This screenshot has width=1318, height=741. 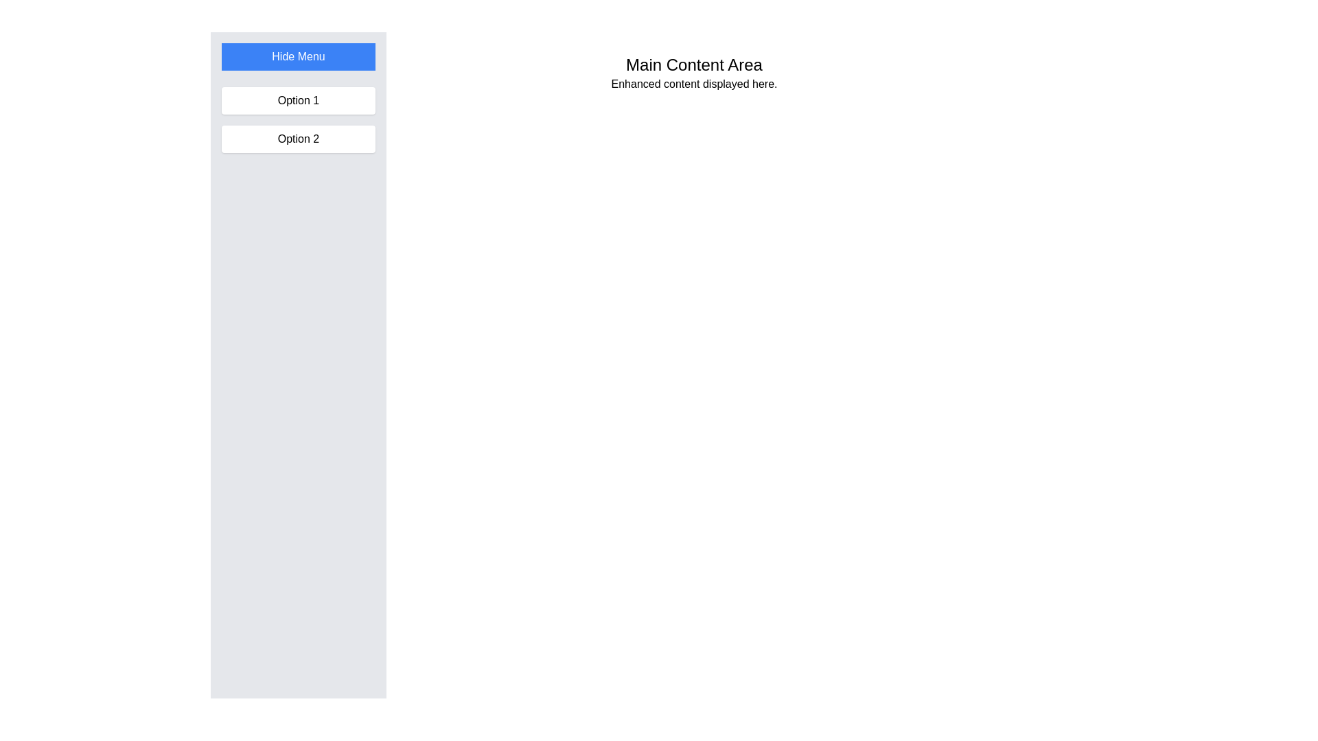 I want to click on the 'Hide Menu' button to toggle the menu visibility, so click(x=298, y=56).